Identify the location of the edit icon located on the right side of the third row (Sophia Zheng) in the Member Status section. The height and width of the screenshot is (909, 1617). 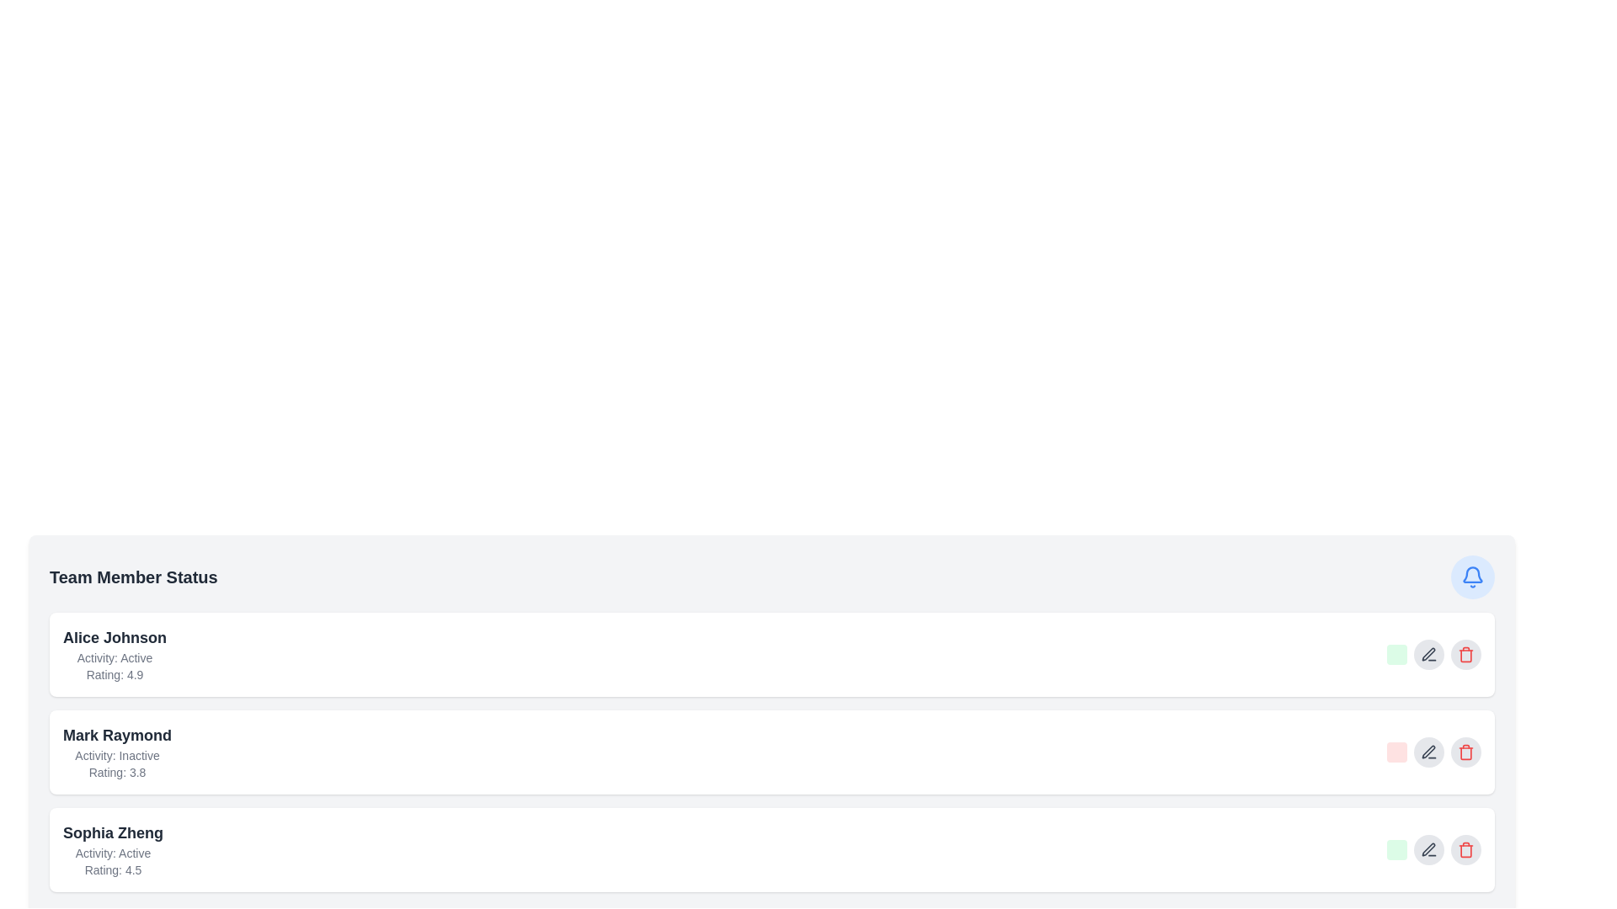
(1428, 849).